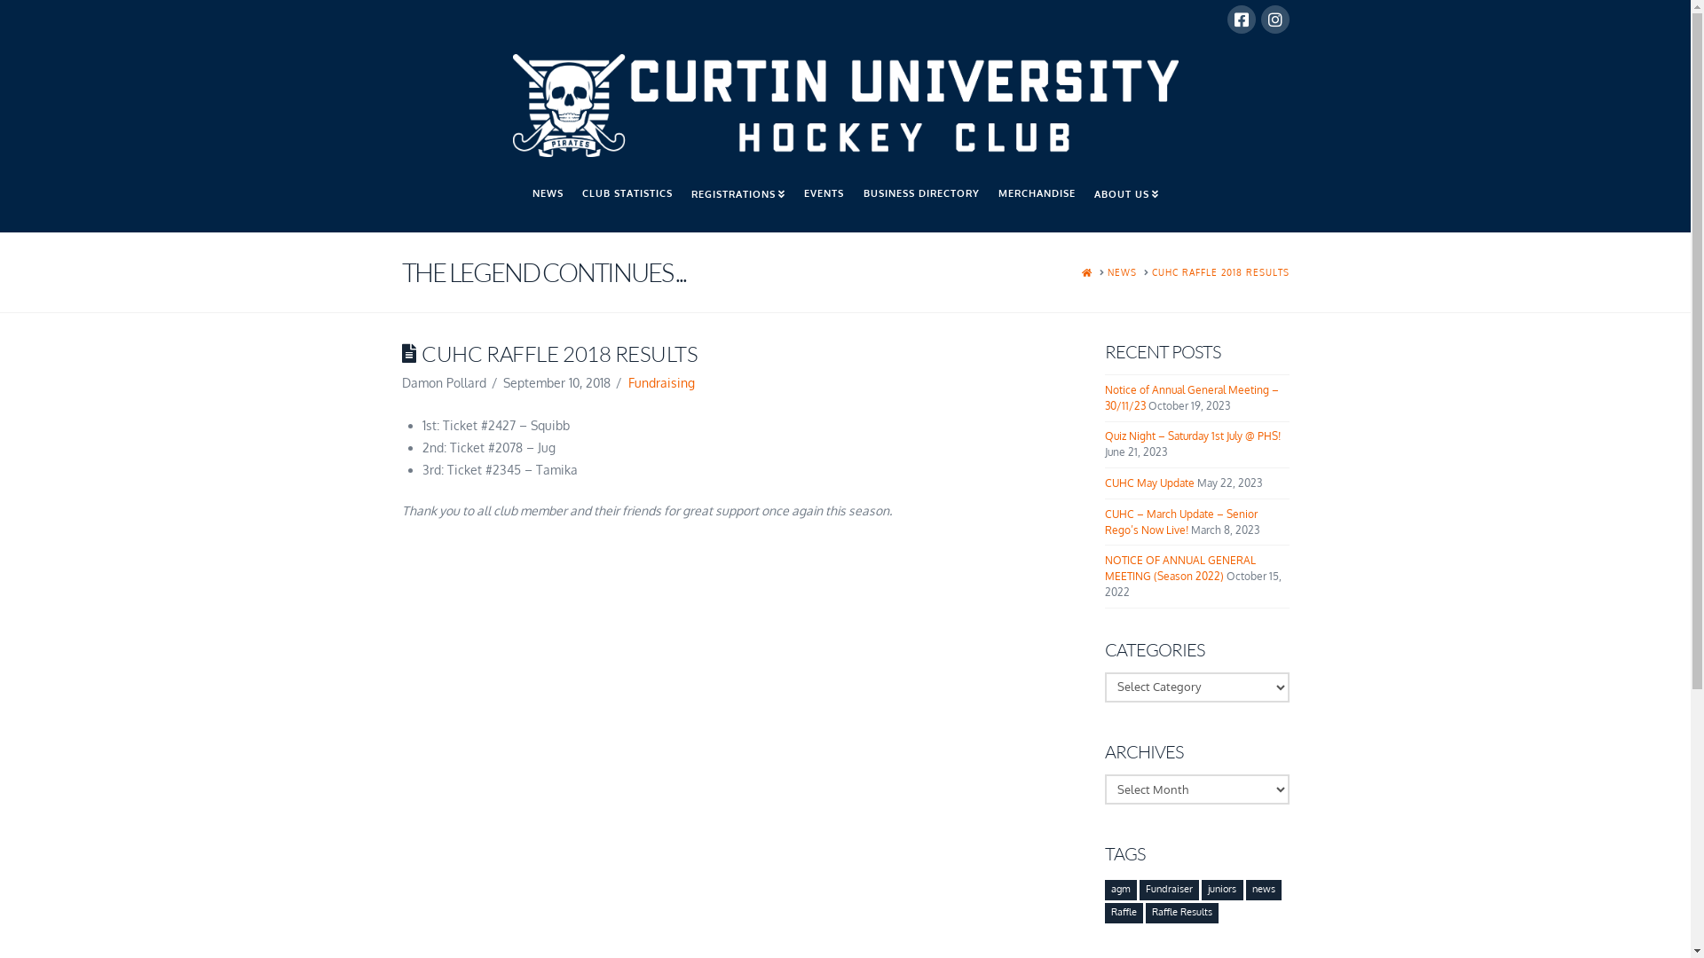 The height and width of the screenshot is (958, 1704). What do you see at coordinates (1239, 20) in the screenshot?
I see `'Facebook'` at bounding box center [1239, 20].